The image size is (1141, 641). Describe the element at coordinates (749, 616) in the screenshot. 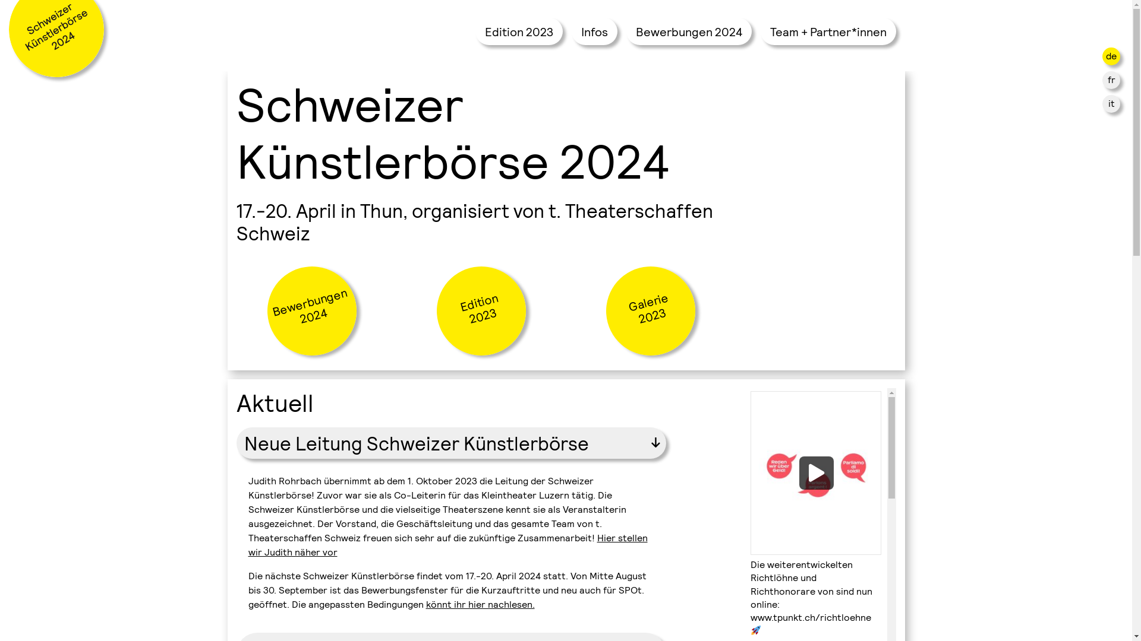

I see `'www.tpunkt.ch/richtloehne'` at that location.